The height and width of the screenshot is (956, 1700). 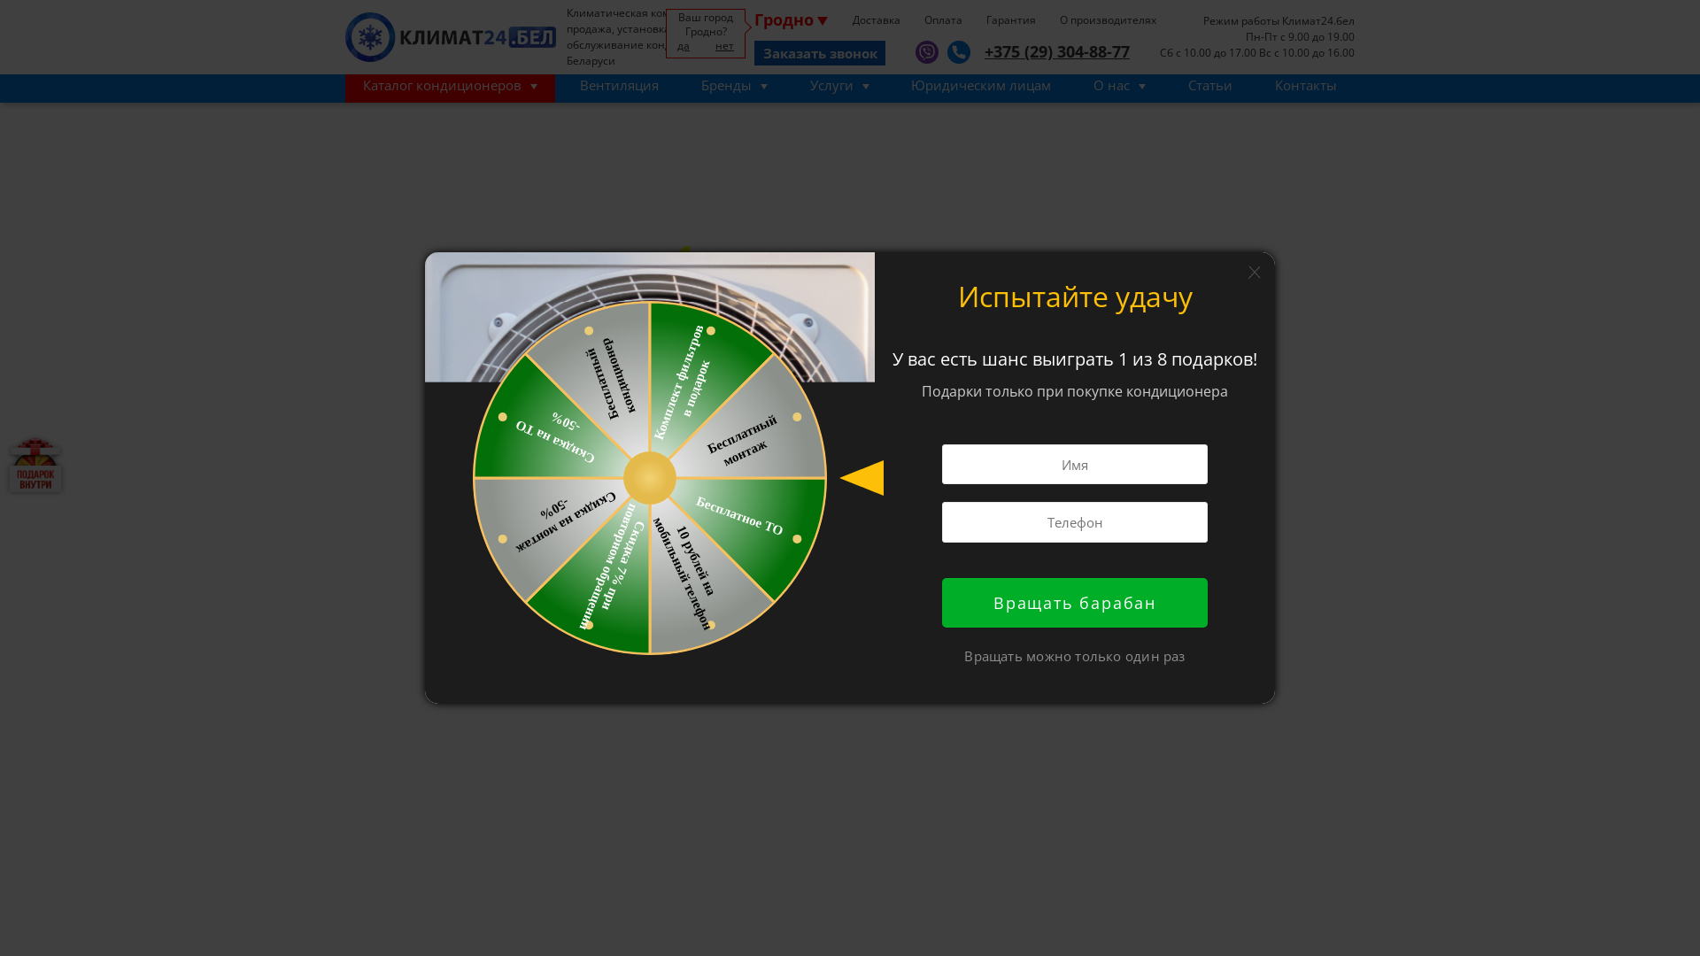 I want to click on '+375 (29) 304-88-77', so click(x=1049, y=50).